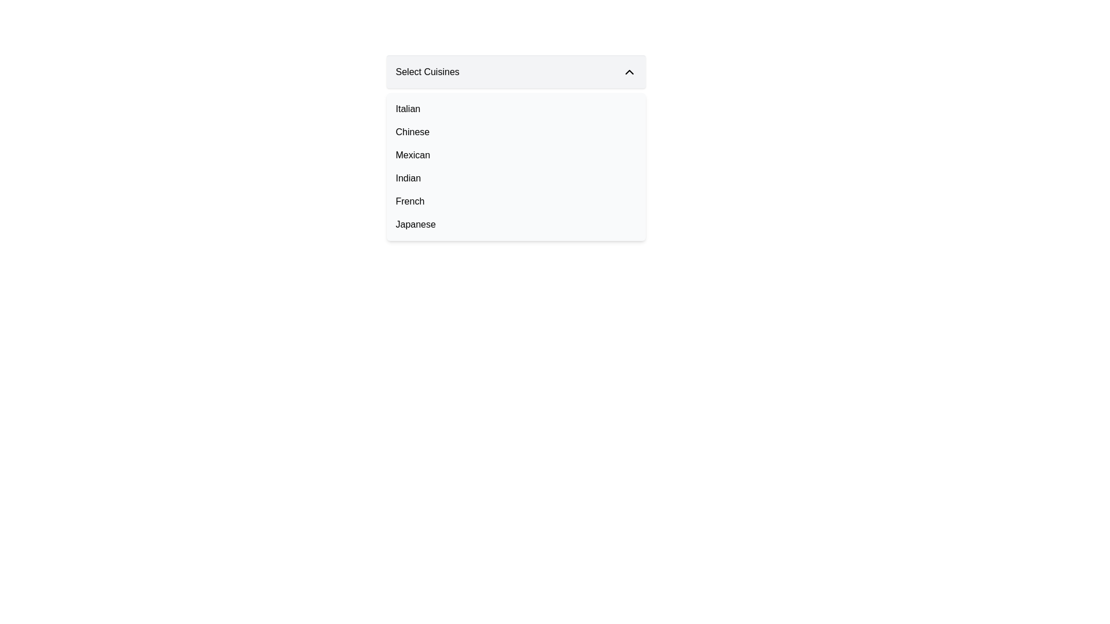  What do you see at coordinates (408, 178) in the screenshot?
I see `the selectable option labeled 'Indian' within the dropdown menu for selecting cuisines, located` at bounding box center [408, 178].